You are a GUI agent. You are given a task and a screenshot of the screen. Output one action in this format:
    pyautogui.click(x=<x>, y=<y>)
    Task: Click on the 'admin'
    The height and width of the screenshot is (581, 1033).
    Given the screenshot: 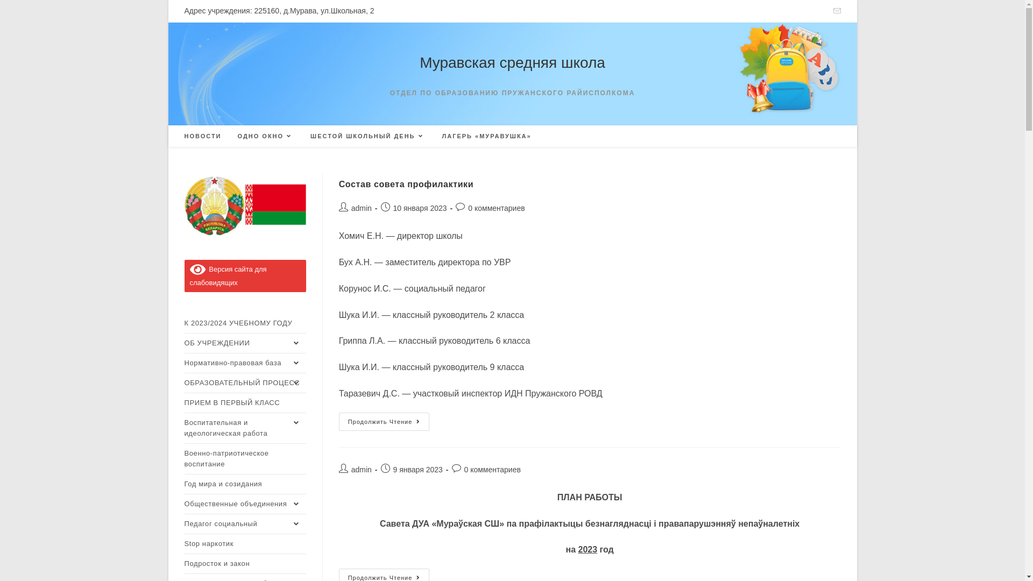 What is the action you would take?
    pyautogui.click(x=362, y=469)
    